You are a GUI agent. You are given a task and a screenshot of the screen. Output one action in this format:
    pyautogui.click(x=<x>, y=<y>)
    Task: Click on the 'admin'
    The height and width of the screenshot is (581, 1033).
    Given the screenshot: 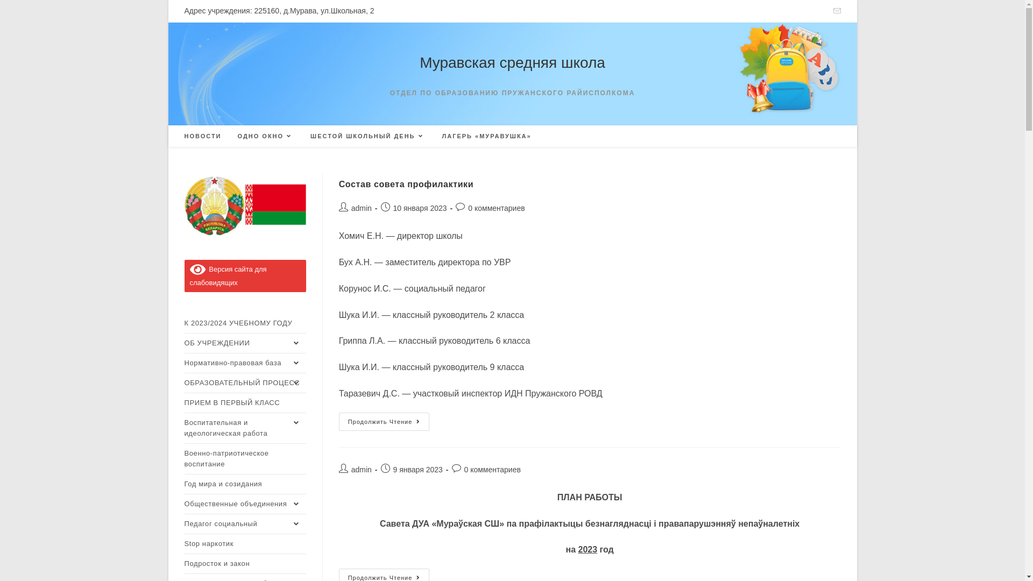 What is the action you would take?
    pyautogui.click(x=362, y=469)
    